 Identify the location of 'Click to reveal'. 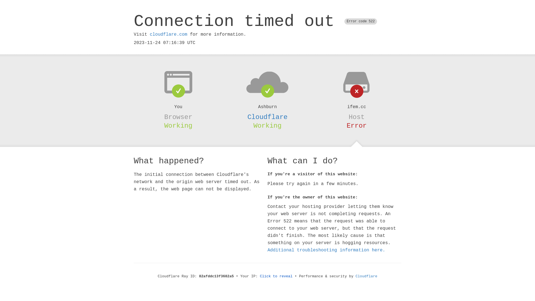
(259, 276).